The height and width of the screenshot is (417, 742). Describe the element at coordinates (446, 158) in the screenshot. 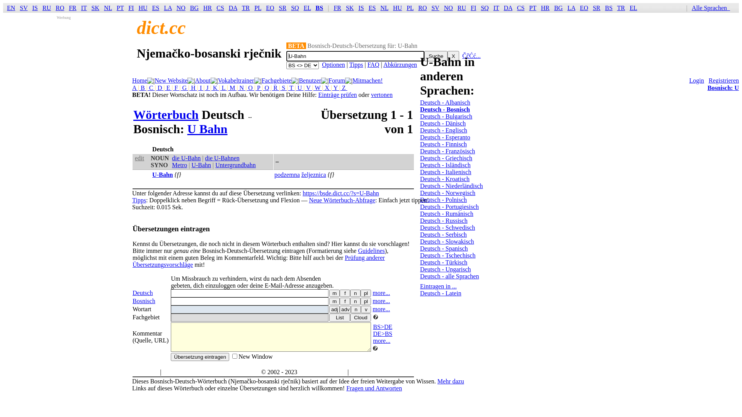

I see `'Deutsch - Griechisch'` at that location.